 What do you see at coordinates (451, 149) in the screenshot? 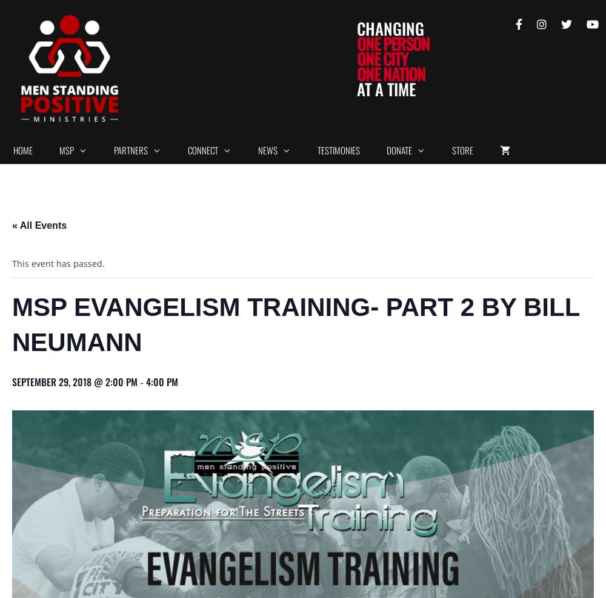
I see `'Store'` at bounding box center [451, 149].